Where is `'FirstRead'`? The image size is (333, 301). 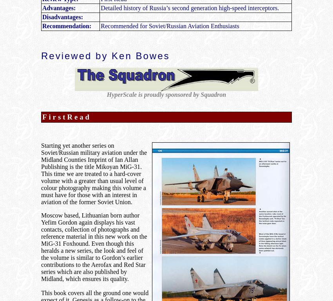
'FirstRead' is located at coordinates (67, 117).